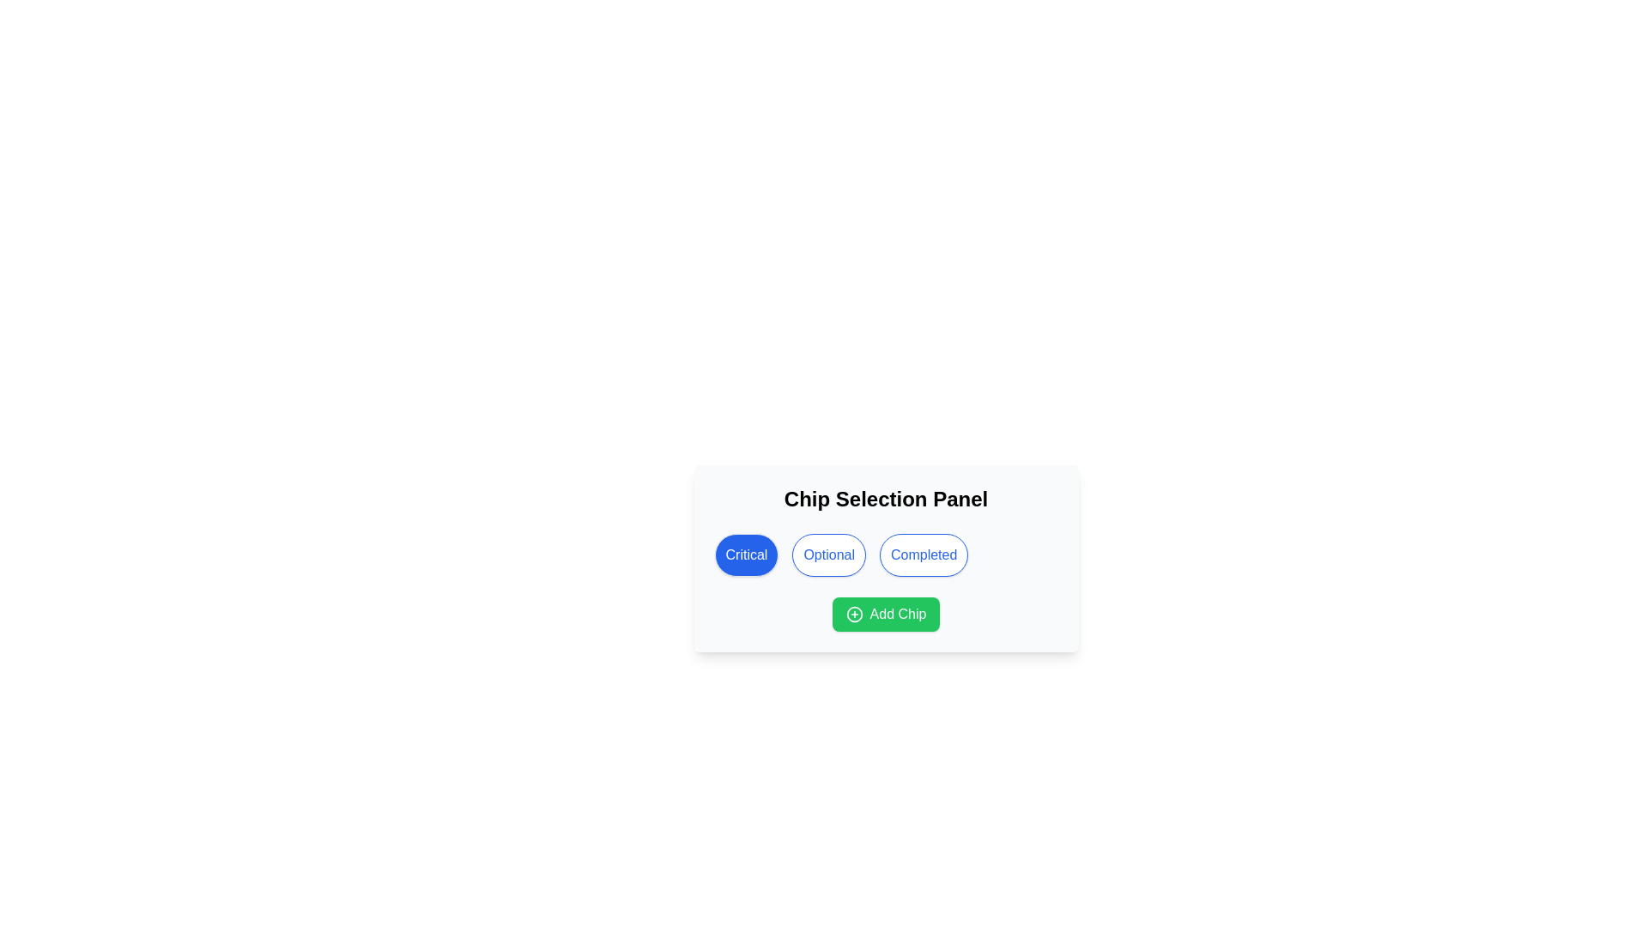  What do you see at coordinates (886, 614) in the screenshot?
I see `the 'Add Chip' button to add a new chip to the panel` at bounding box center [886, 614].